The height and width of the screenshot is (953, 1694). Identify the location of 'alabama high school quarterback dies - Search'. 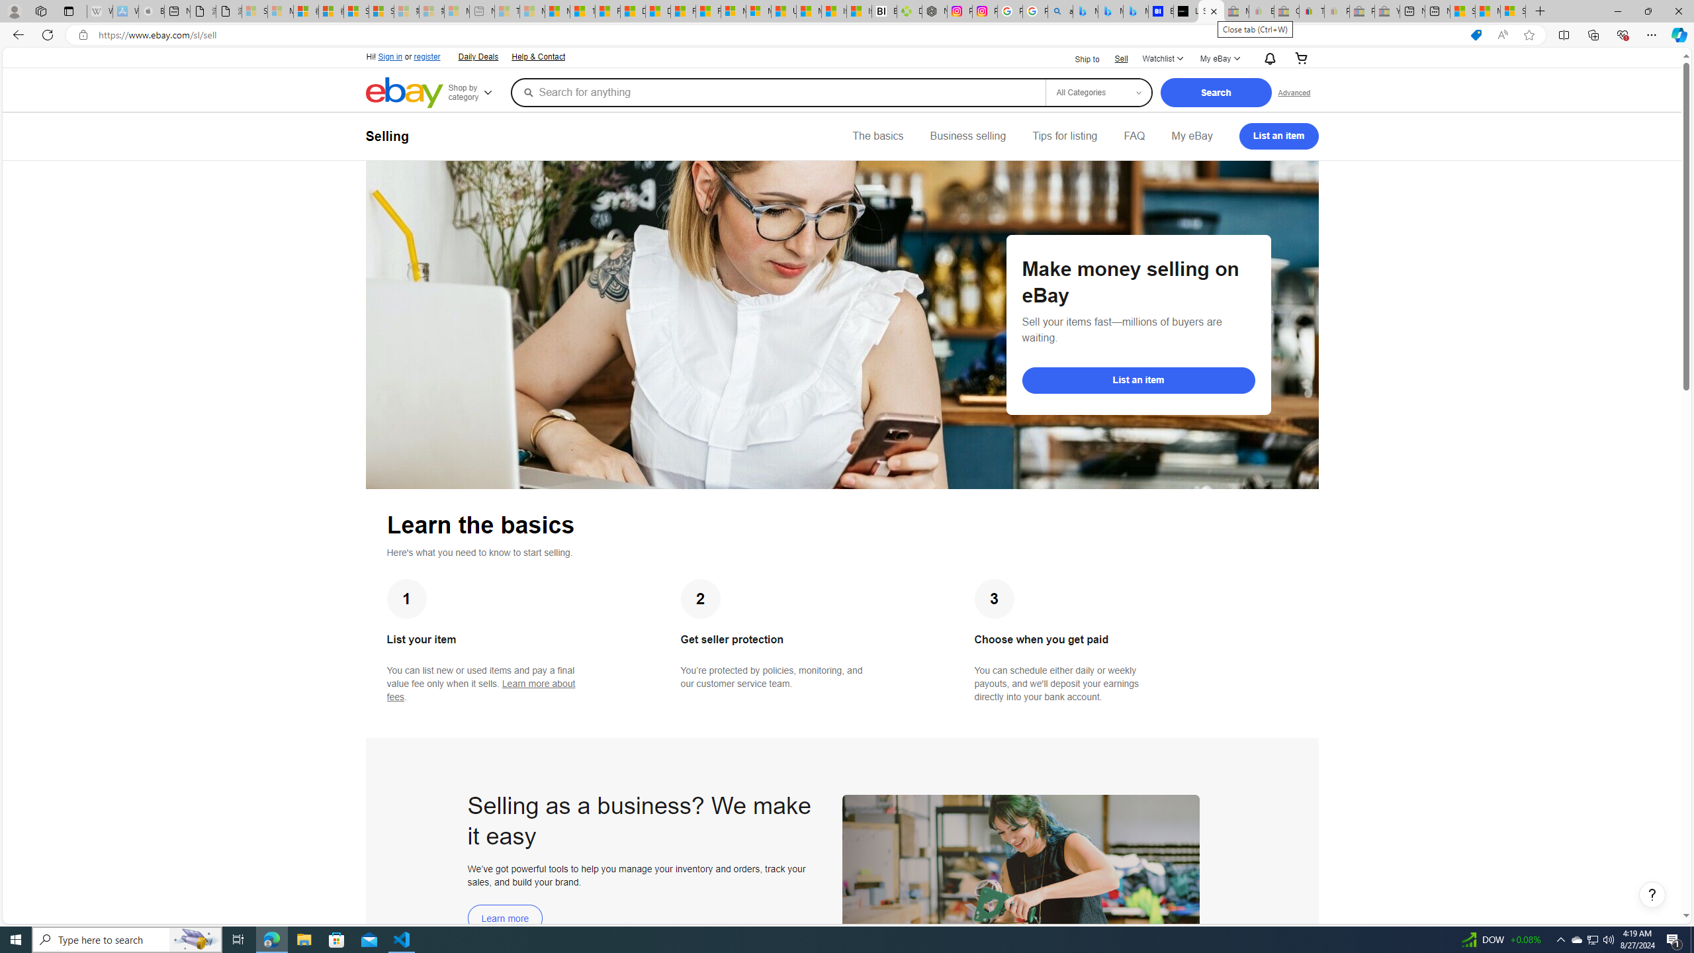
(1060, 11).